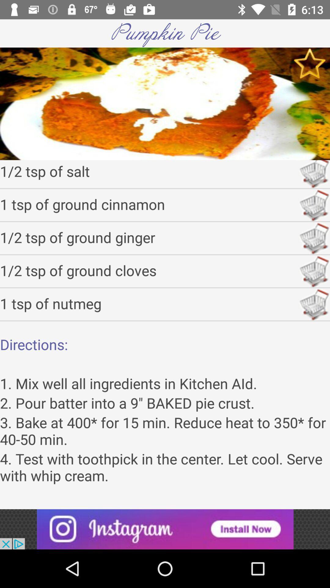  Describe the element at coordinates (310, 63) in the screenshot. I see `the star icon` at that location.